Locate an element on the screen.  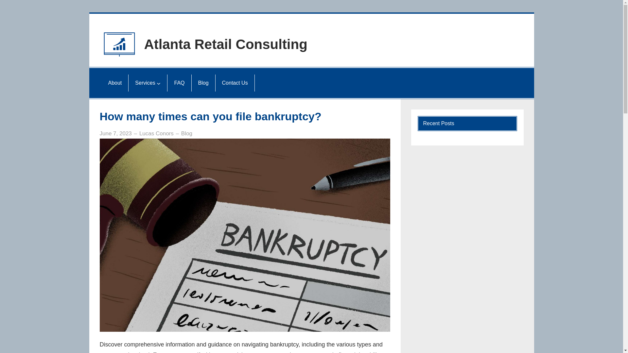
'Blog' is located at coordinates (203, 83).